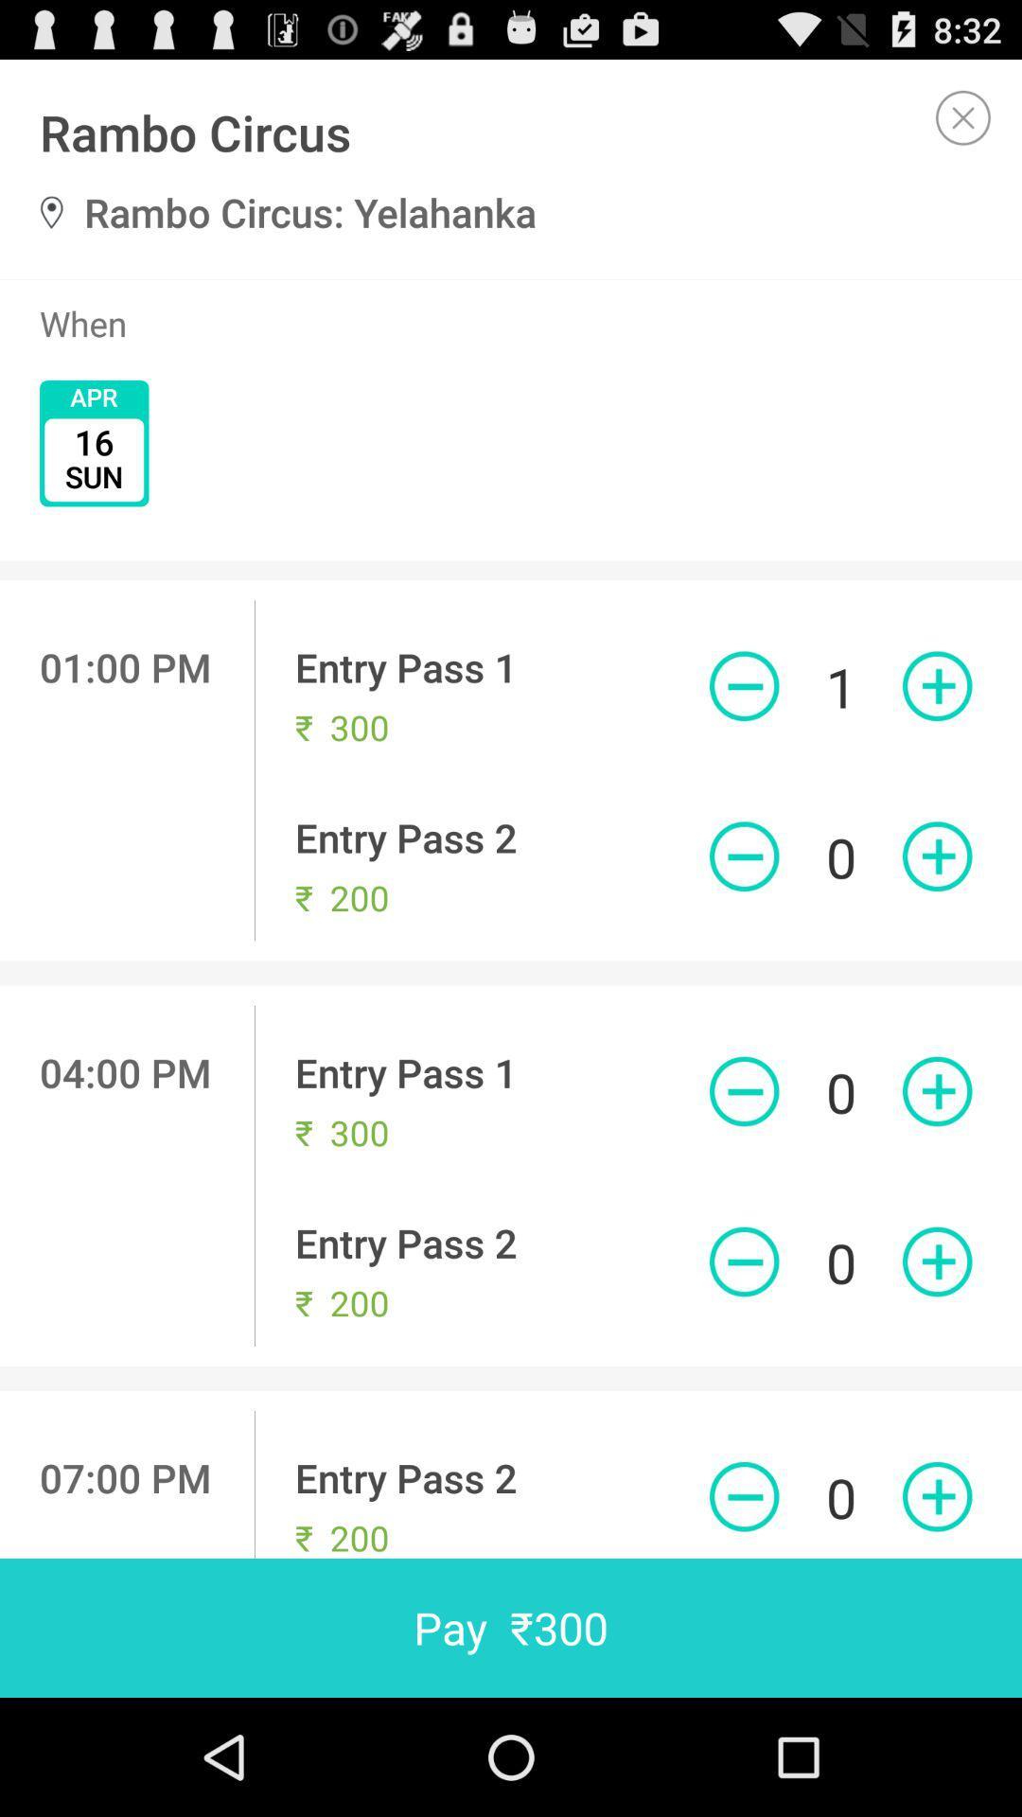 This screenshot has width=1022, height=1817. Describe the element at coordinates (937, 1261) in the screenshot. I see `purchase entry pass` at that location.